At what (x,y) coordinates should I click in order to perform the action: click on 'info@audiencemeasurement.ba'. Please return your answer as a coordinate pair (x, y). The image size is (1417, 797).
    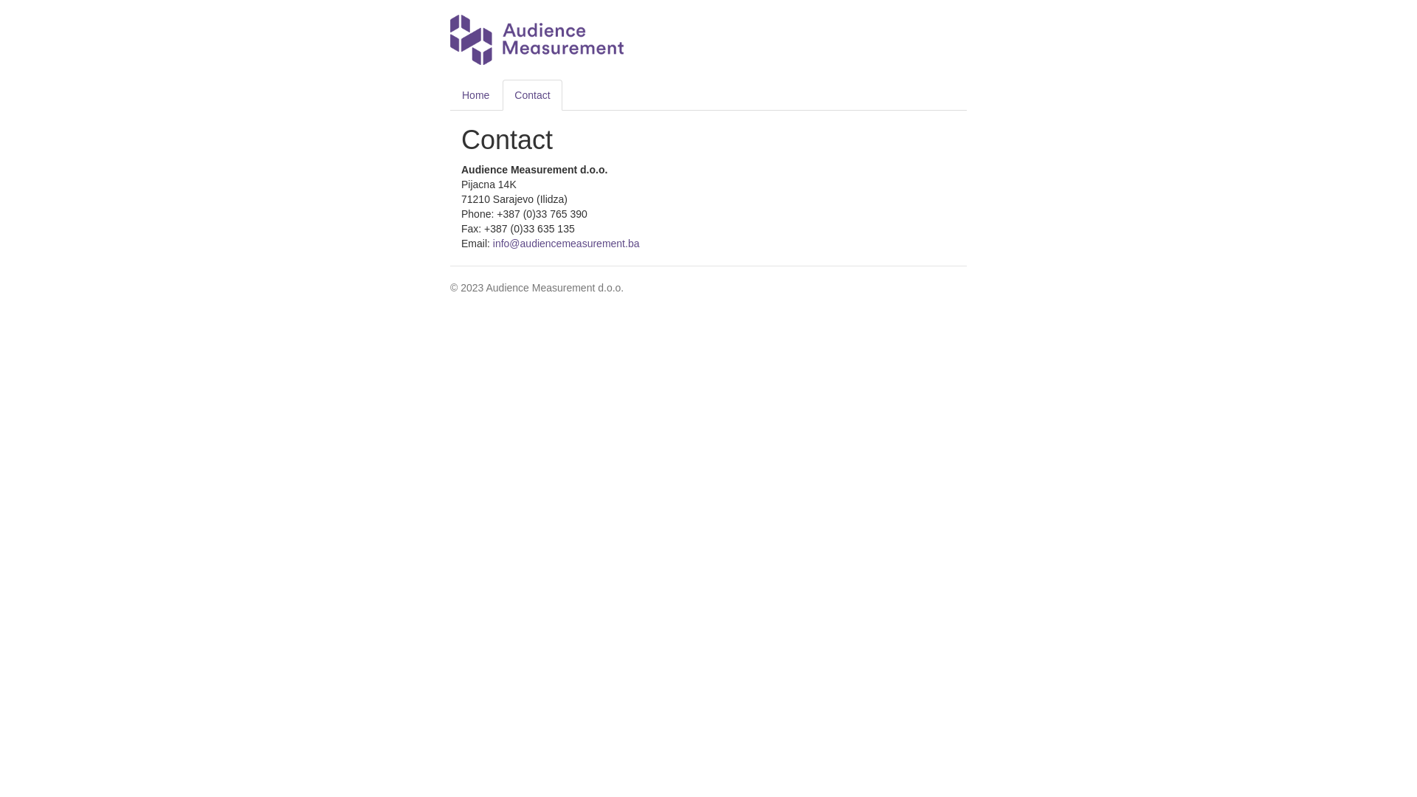
    Looking at the image, I should click on (565, 243).